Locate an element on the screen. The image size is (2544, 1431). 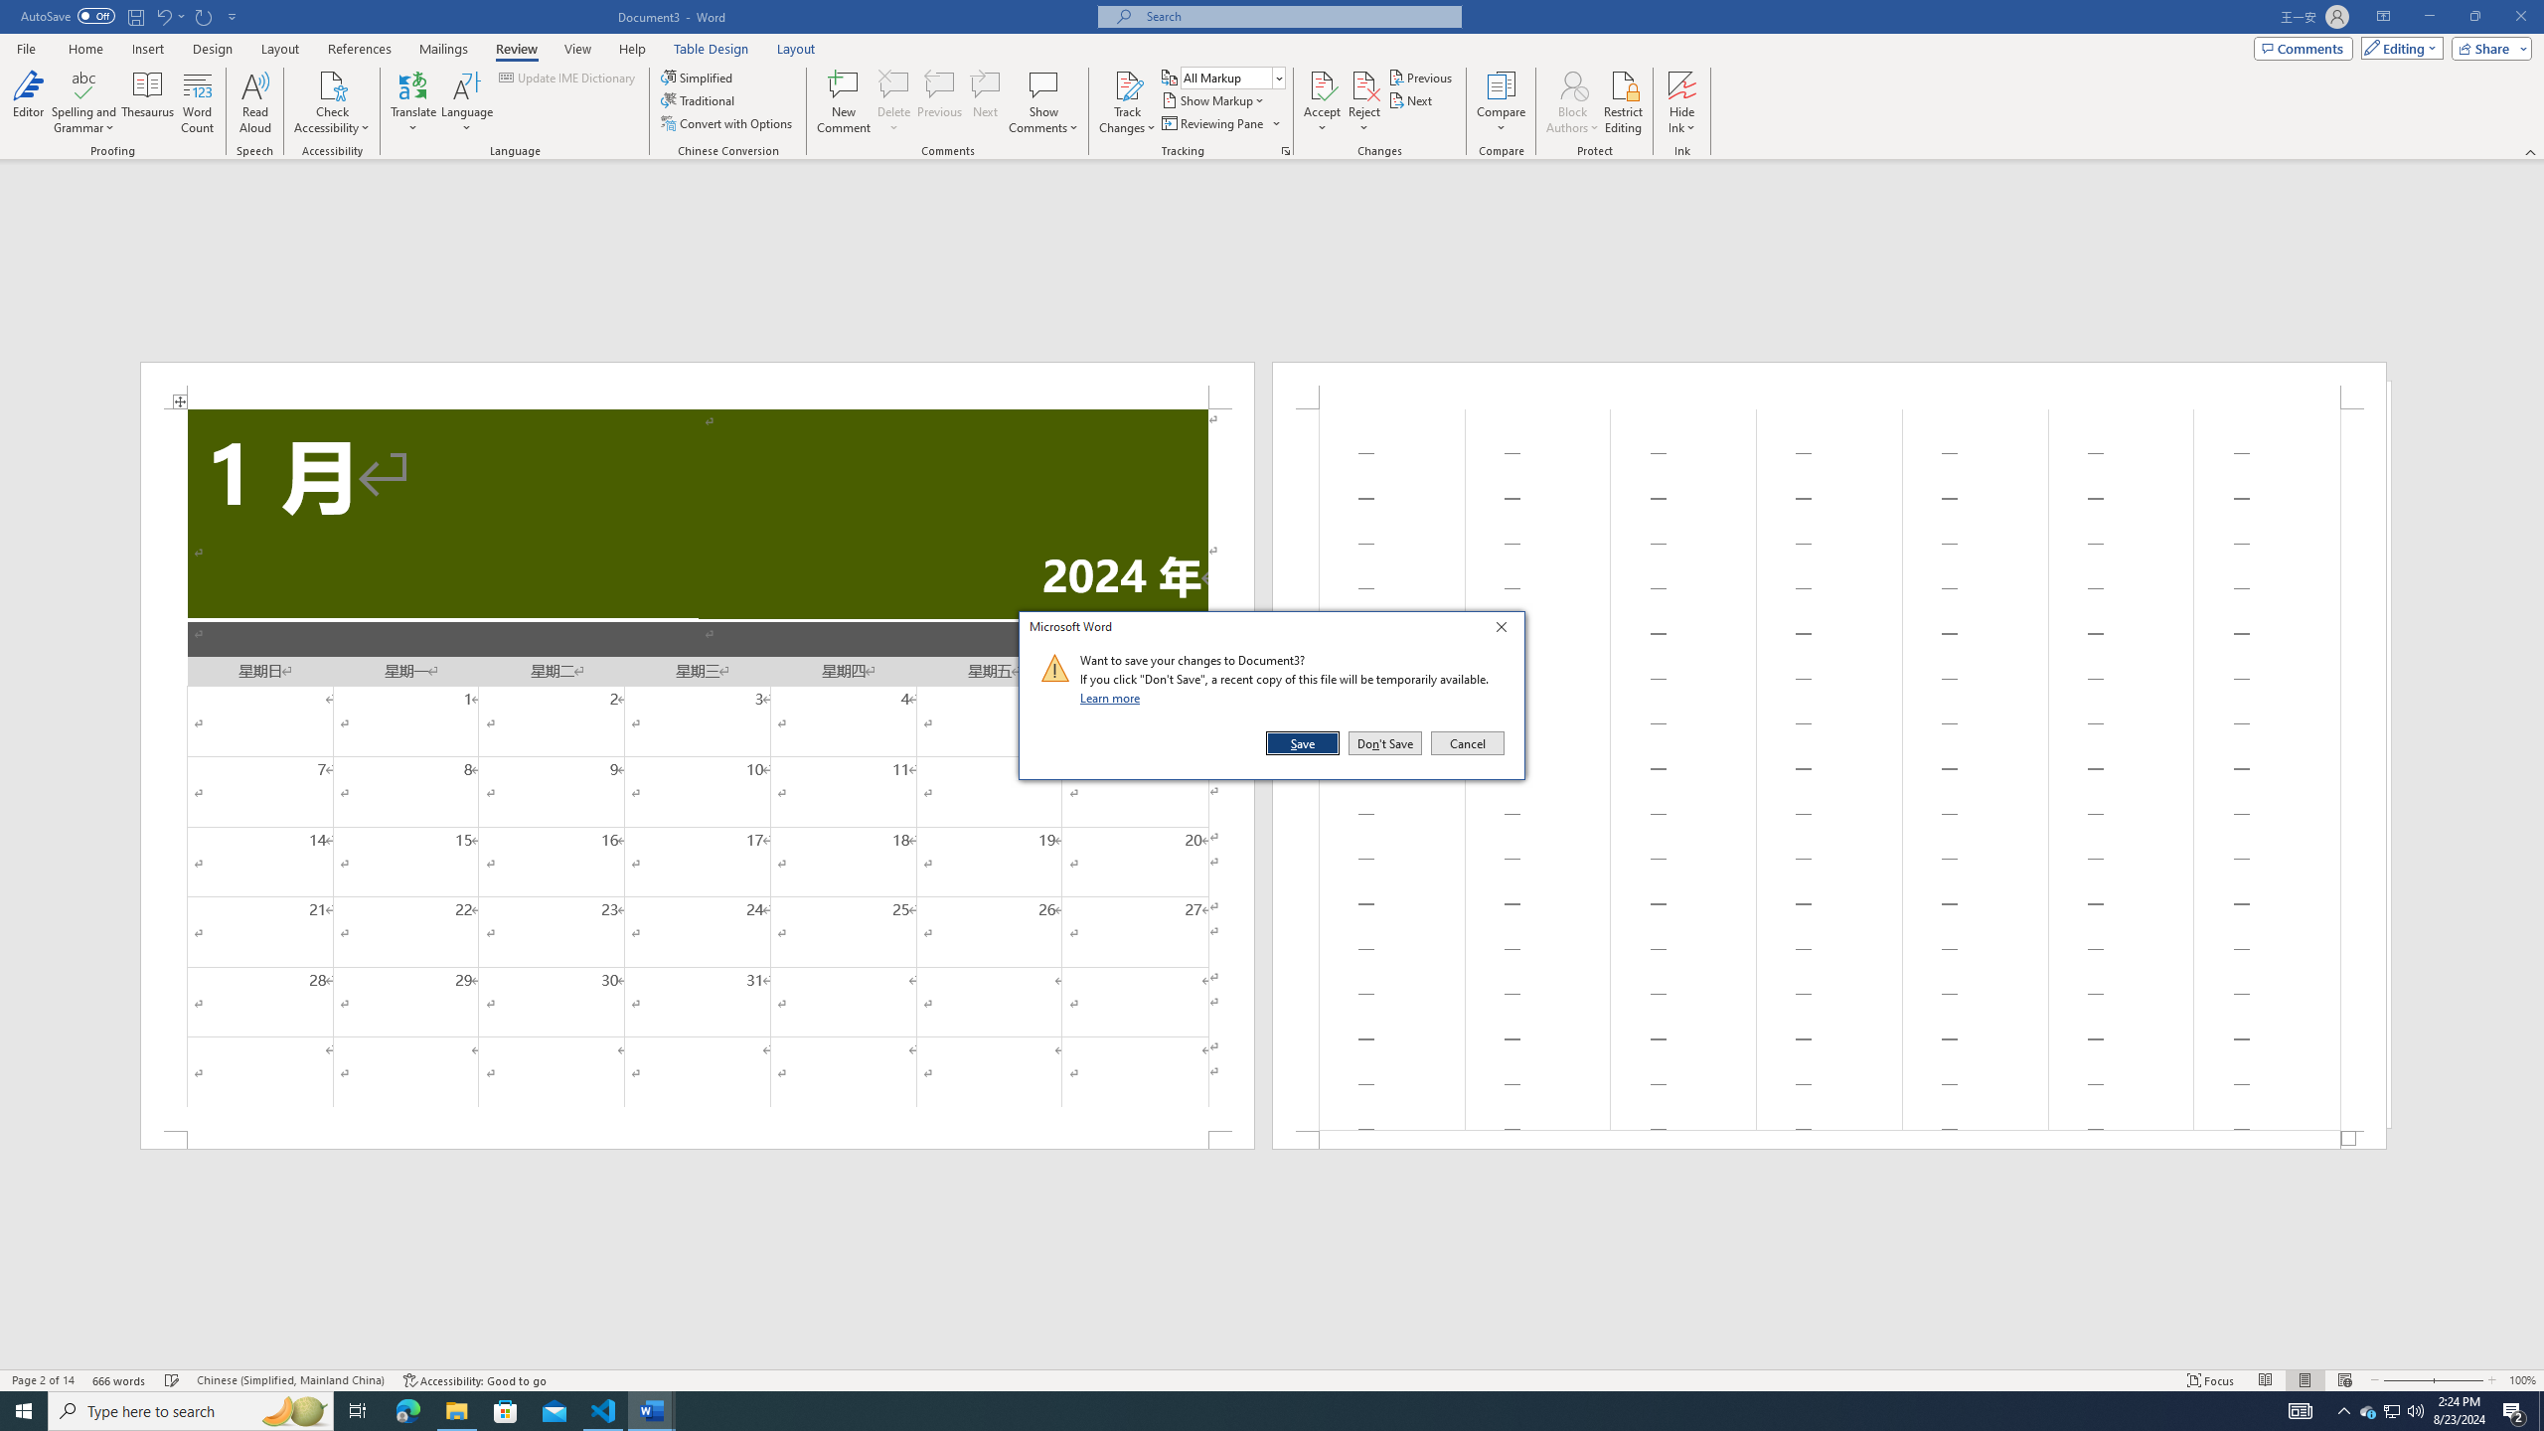
'Reject' is located at coordinates (1364, 102).